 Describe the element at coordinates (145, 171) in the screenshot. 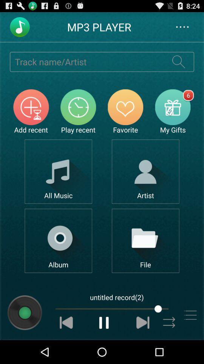

I see `open artist selection` at that location.